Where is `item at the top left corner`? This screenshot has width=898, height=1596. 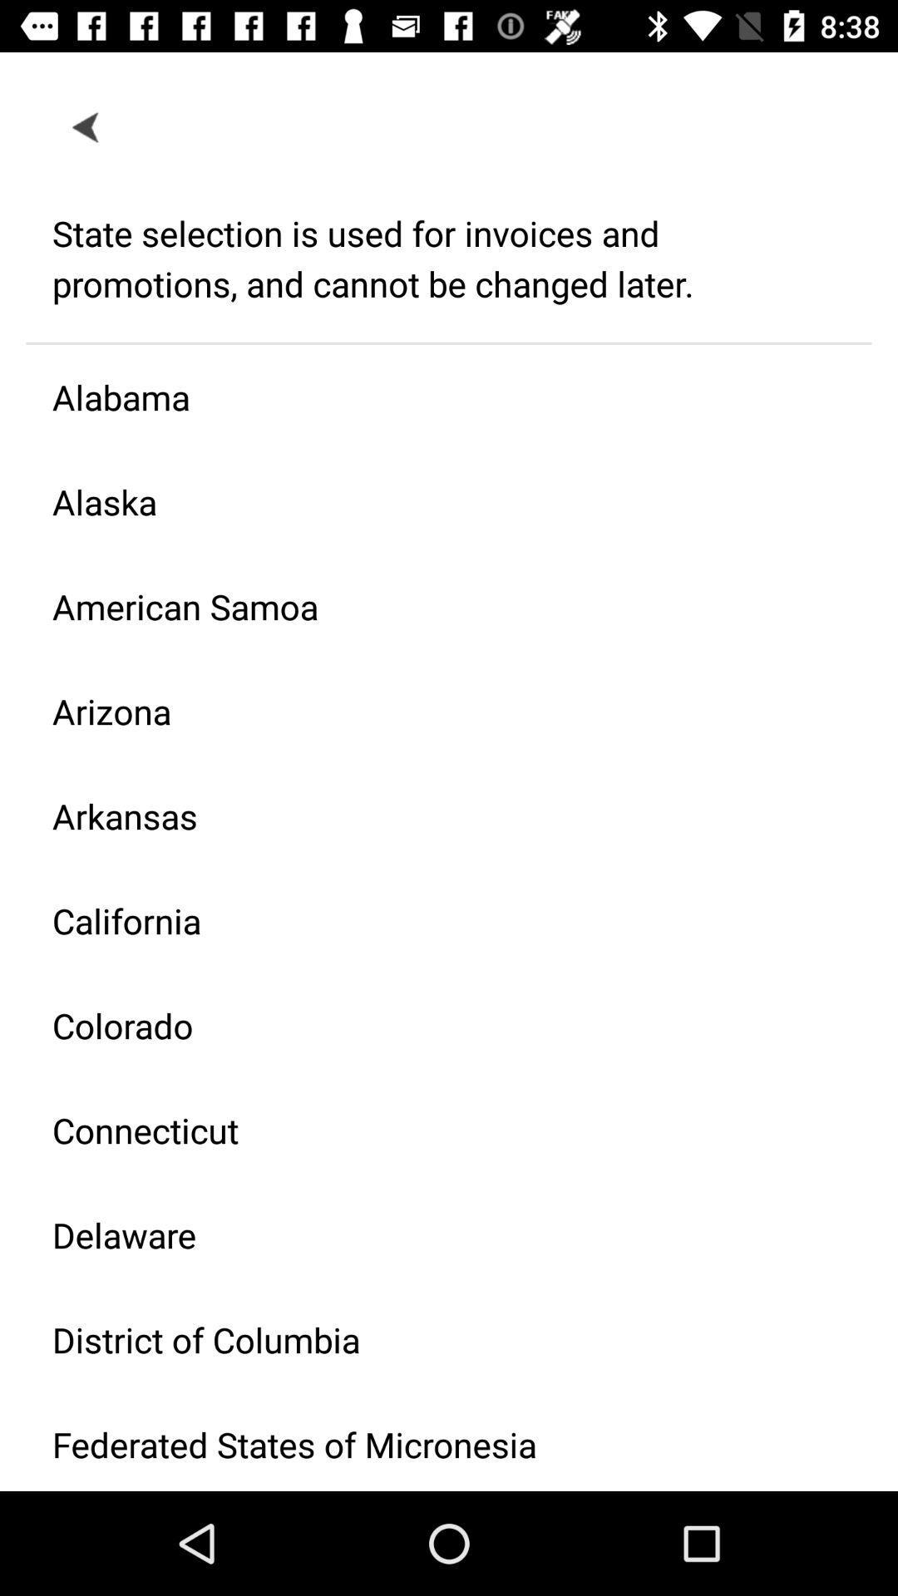
item at the top left corner is located at coordinates (86, 126).